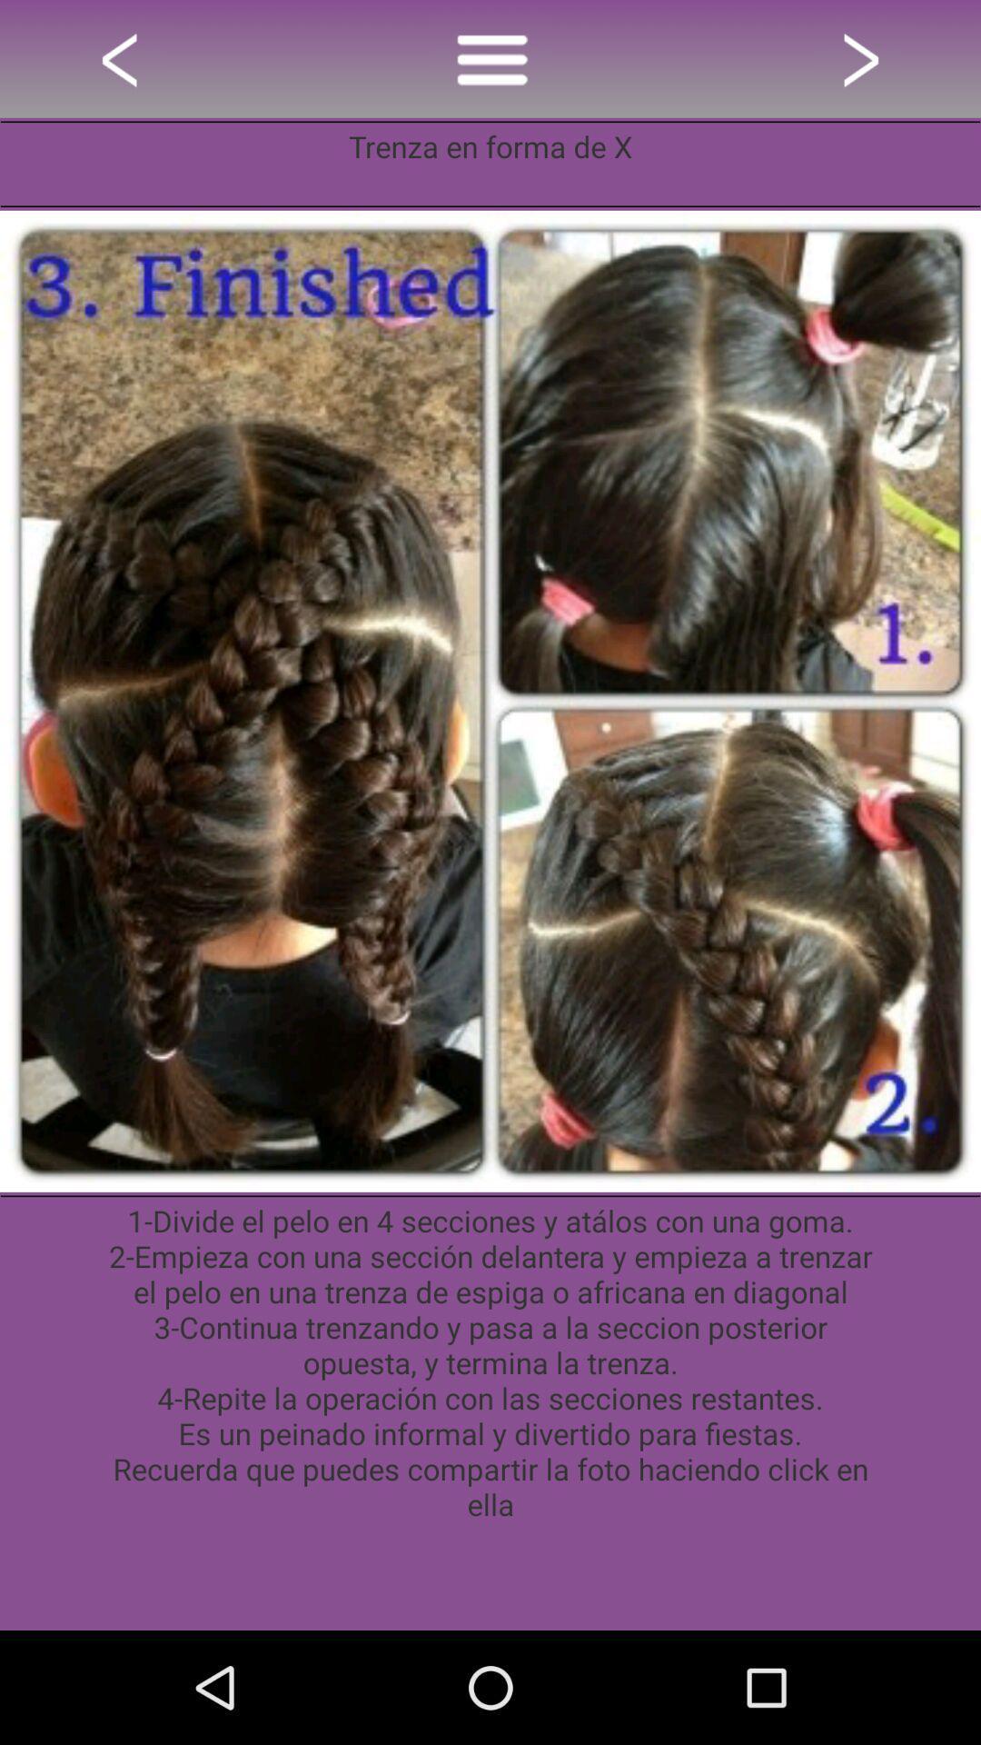 Image resolution: width=981 pixels, height=1745 pixels. I want to click on the menu icon, so click(490, 63).